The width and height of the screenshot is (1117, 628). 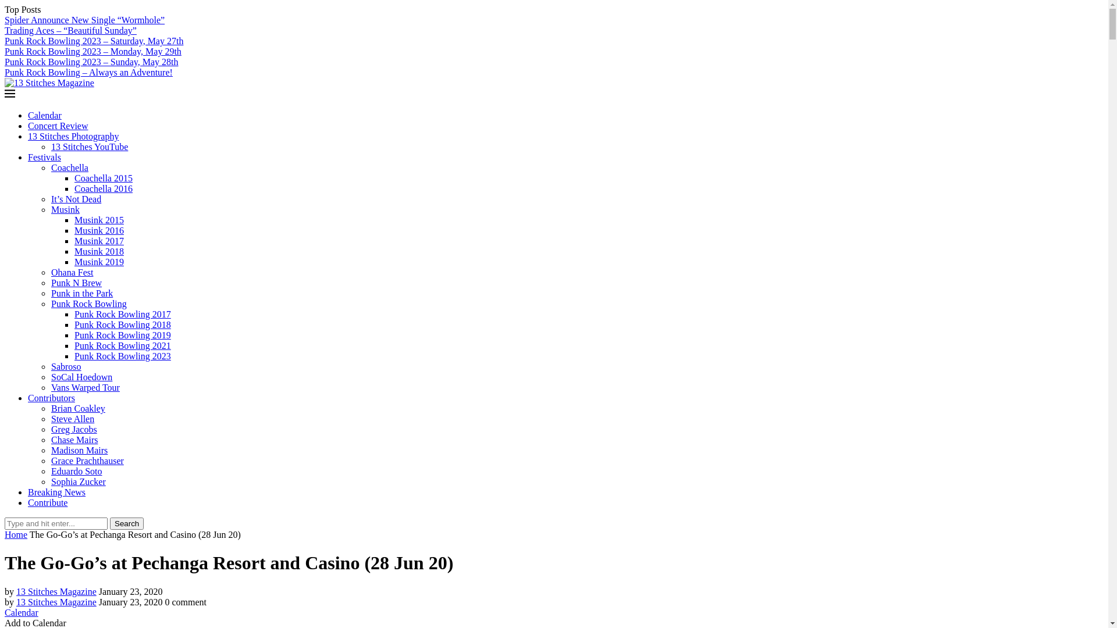 I want to click on 'Greg Jacobs', so click(x=50, y=429).